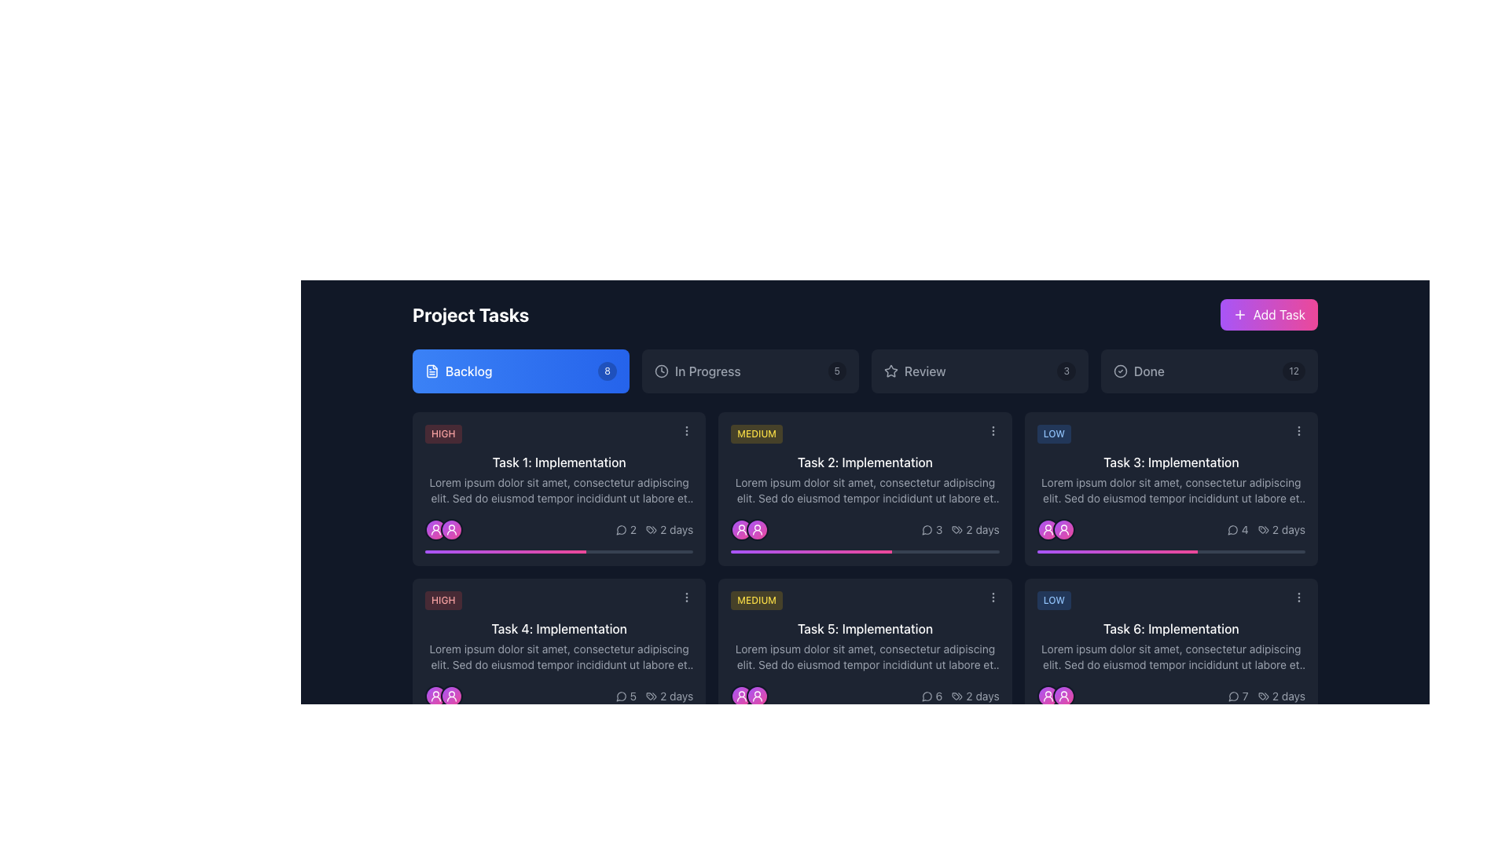 The image size is (1509, 848). I want to click on the 'In Progress' button-like category tab, which is located between 'Backlog' and 'Review', so click(750, 371).